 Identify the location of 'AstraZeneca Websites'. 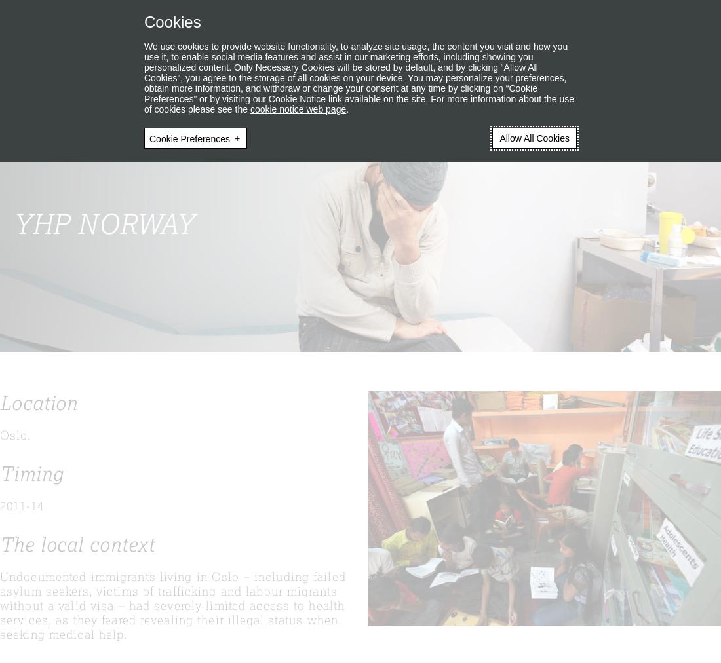
(541, 14).